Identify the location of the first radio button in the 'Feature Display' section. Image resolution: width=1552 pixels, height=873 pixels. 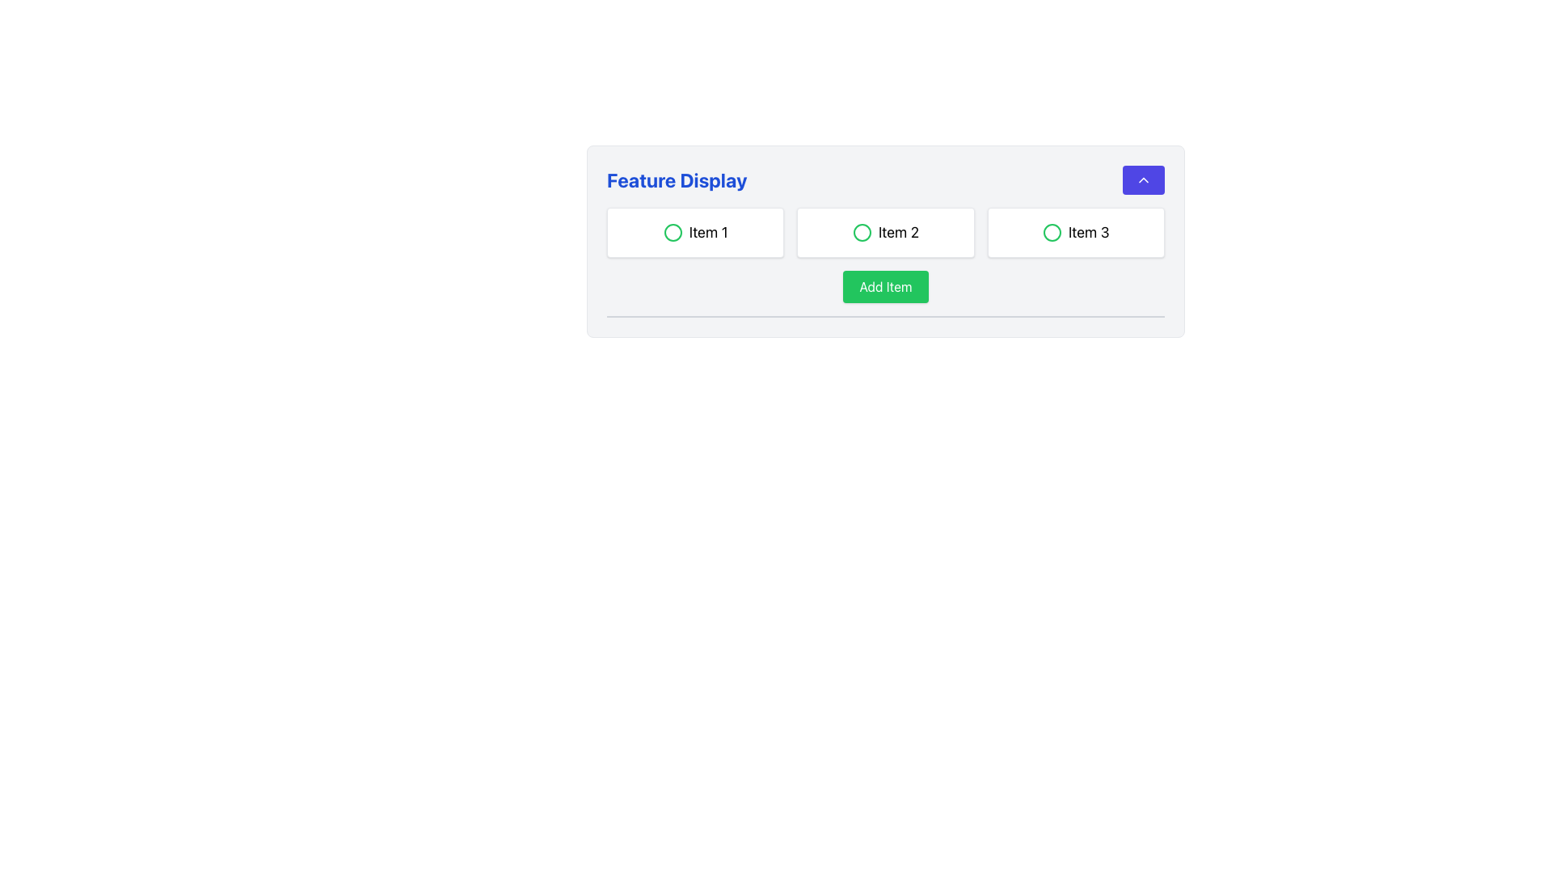
(673, 233).